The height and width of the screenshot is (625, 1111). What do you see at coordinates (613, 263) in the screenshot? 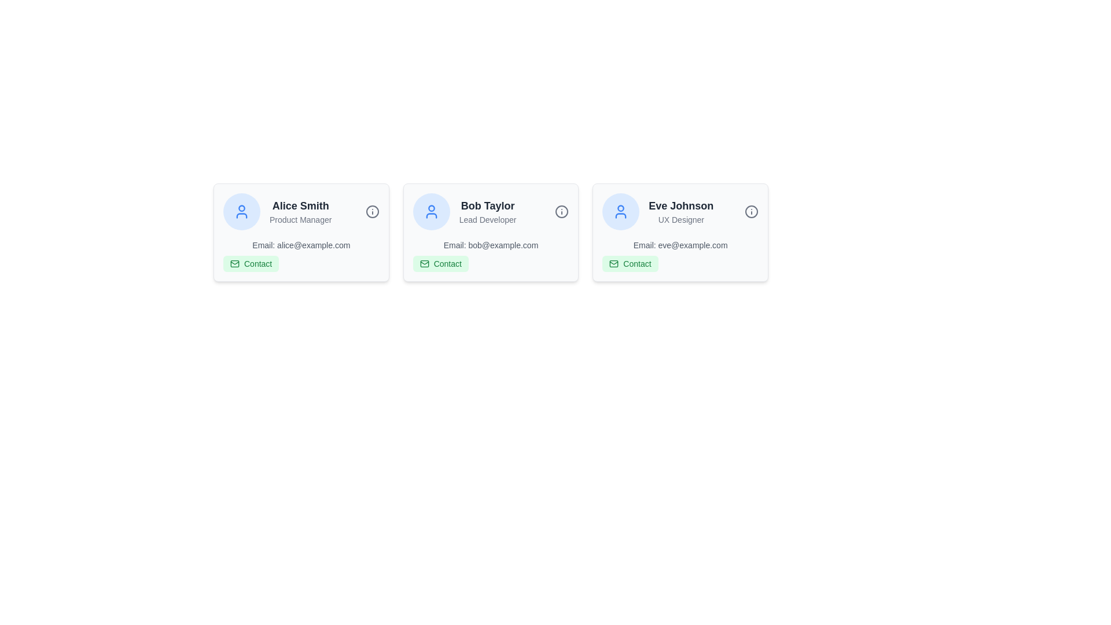
I see `the Decorative Icon resembling an envelope, located at the bottom section of the card for 'Eve Johnson'` at bounding box center [613, 263].